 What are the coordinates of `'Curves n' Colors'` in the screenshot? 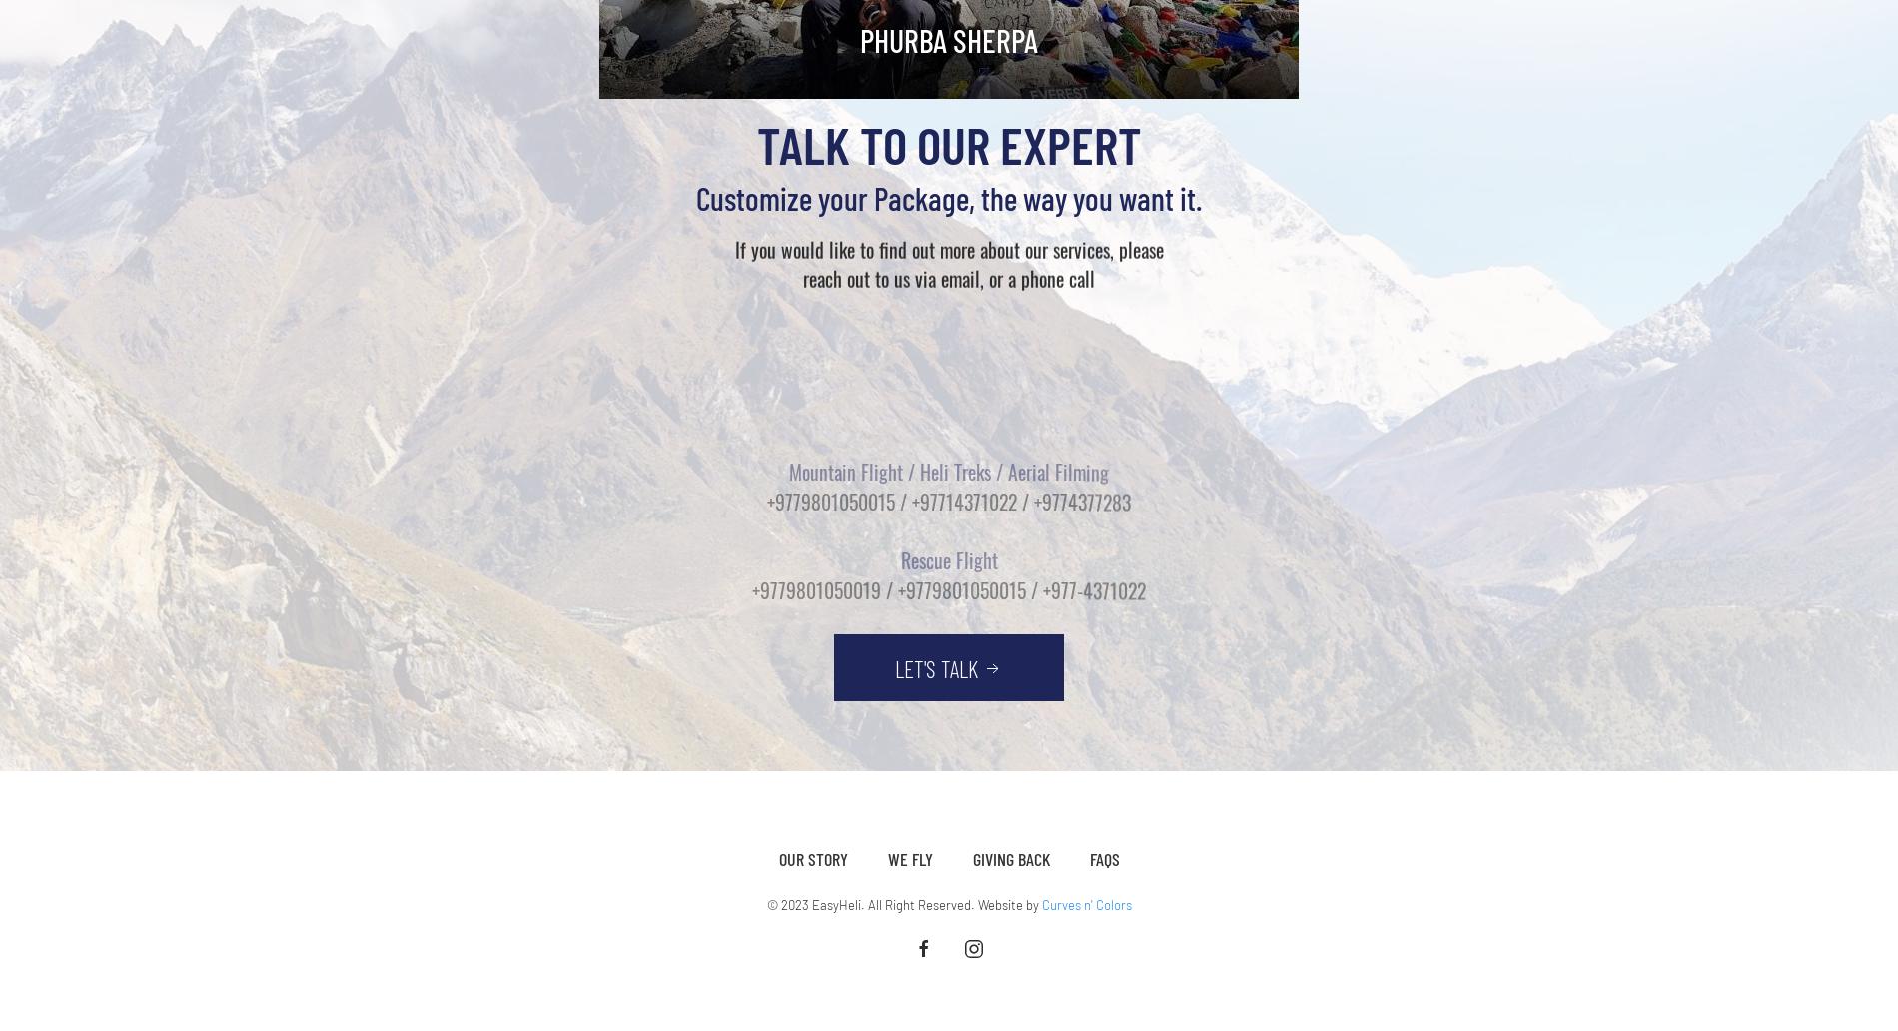 It's located at (1040, 903).